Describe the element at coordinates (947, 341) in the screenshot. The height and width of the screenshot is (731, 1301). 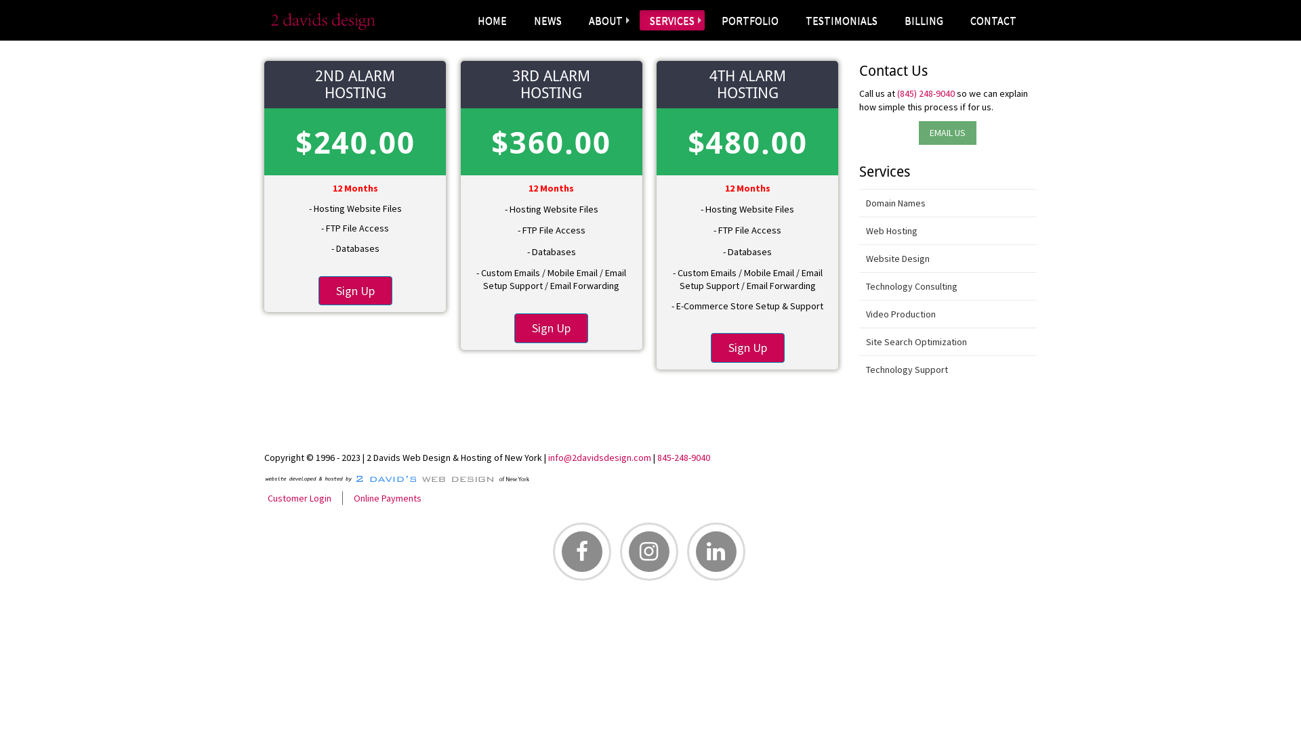
I see `'Site Search Optimization'` at that location.